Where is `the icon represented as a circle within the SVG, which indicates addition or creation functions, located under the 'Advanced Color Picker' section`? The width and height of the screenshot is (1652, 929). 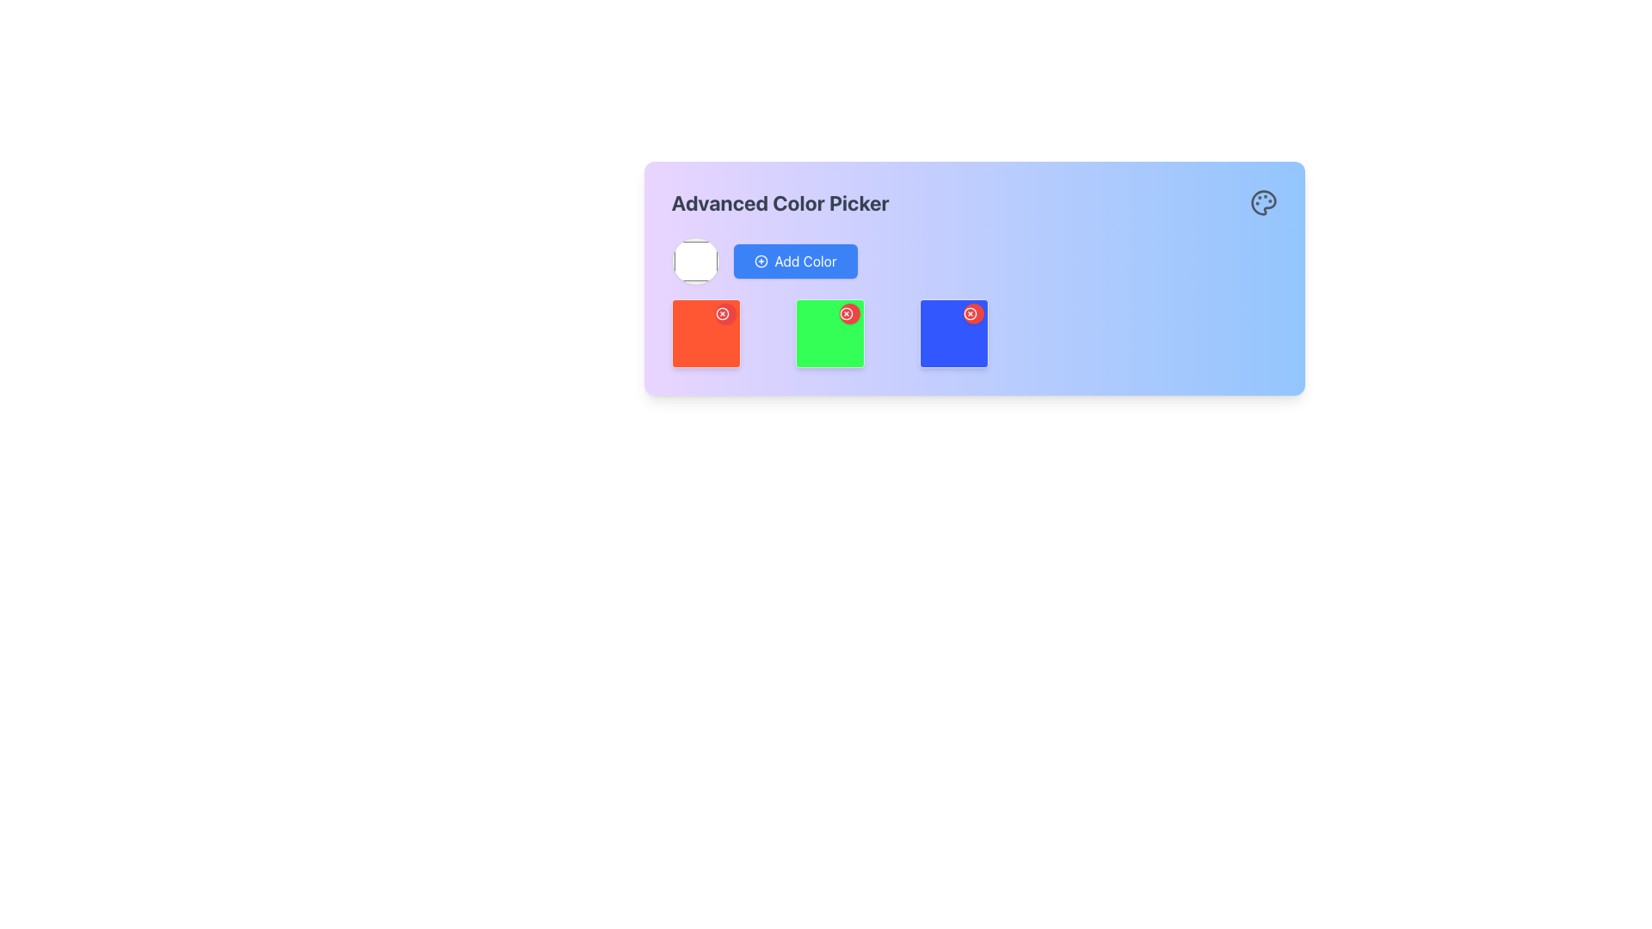
the icon represented as a circle within the SVG, which indicates addition or creation functions, located under the 'Advanced Color Picker' section is located at coordinates (760, 261).